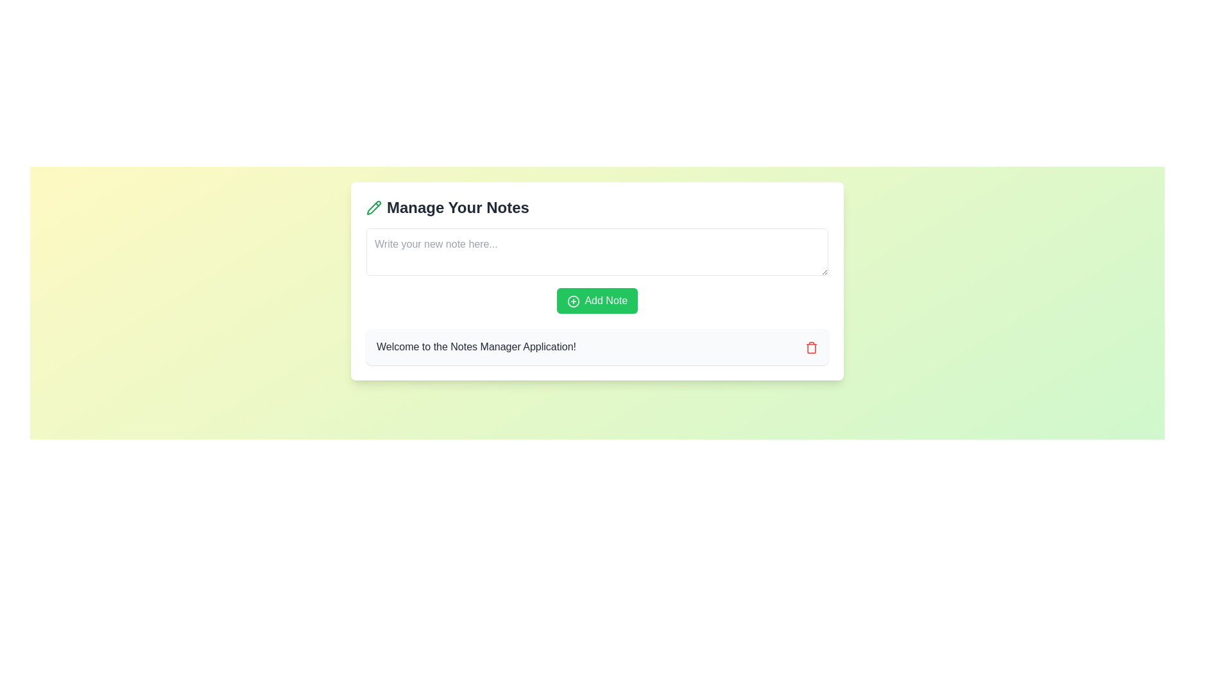  Describe the element at coordinates (811, 346) in the screenshot. I see `the delete icon located at the far-right edge of the white box containing the message 'Welcome to the Notes Manager Application!'` at that location.